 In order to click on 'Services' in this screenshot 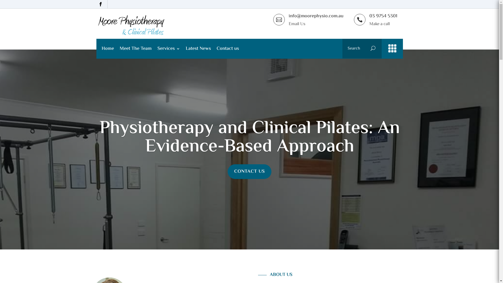, I will do `click(168, 50)`.